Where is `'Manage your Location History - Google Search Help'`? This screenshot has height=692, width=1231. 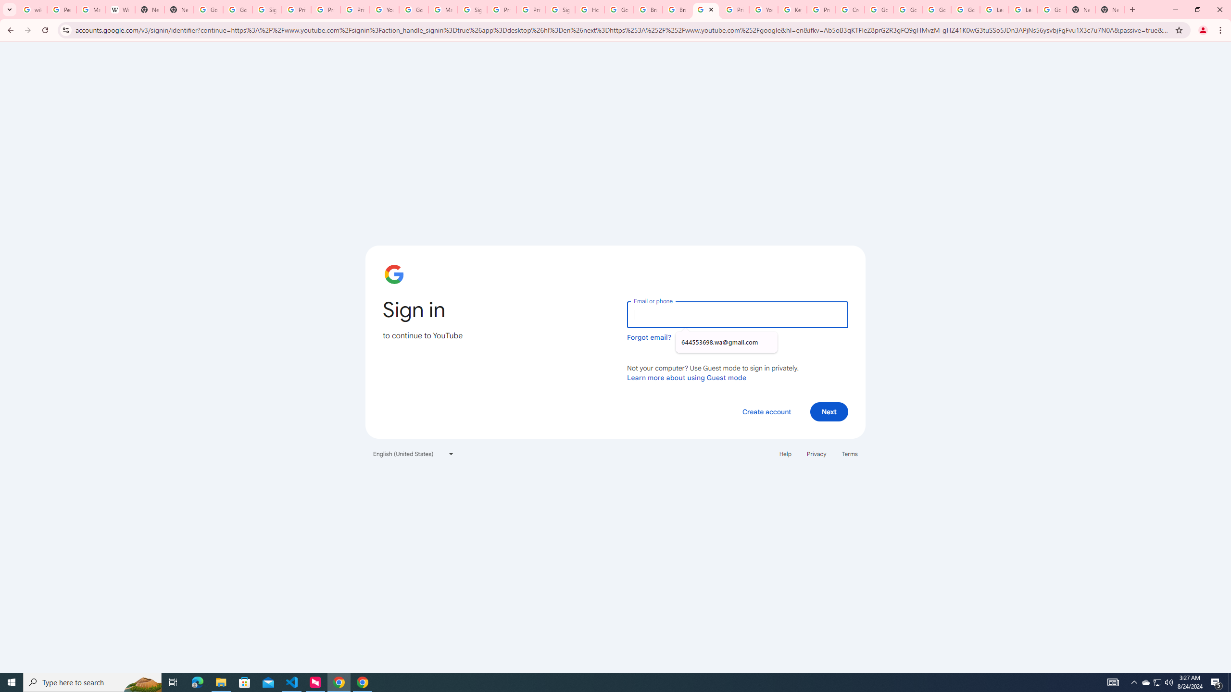
'Manage your Location History - Google Search Help' is located at coordinates (90, 9).